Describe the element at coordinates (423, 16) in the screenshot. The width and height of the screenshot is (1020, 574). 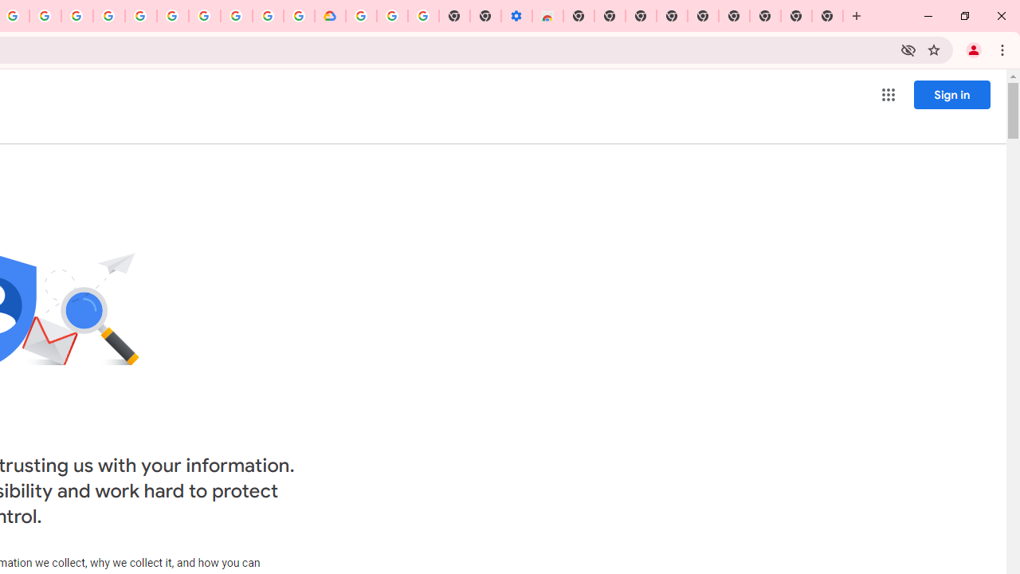
I see `'Turn cookies on or off - Computer - Google Account Help'` at that location.